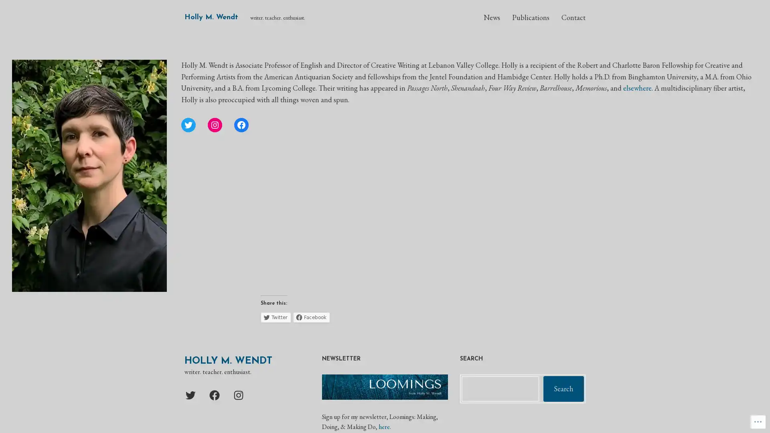  What do you see at coordinates (563, 388) in the screenshot?
I see `Search` at bounding box center [563, 388].